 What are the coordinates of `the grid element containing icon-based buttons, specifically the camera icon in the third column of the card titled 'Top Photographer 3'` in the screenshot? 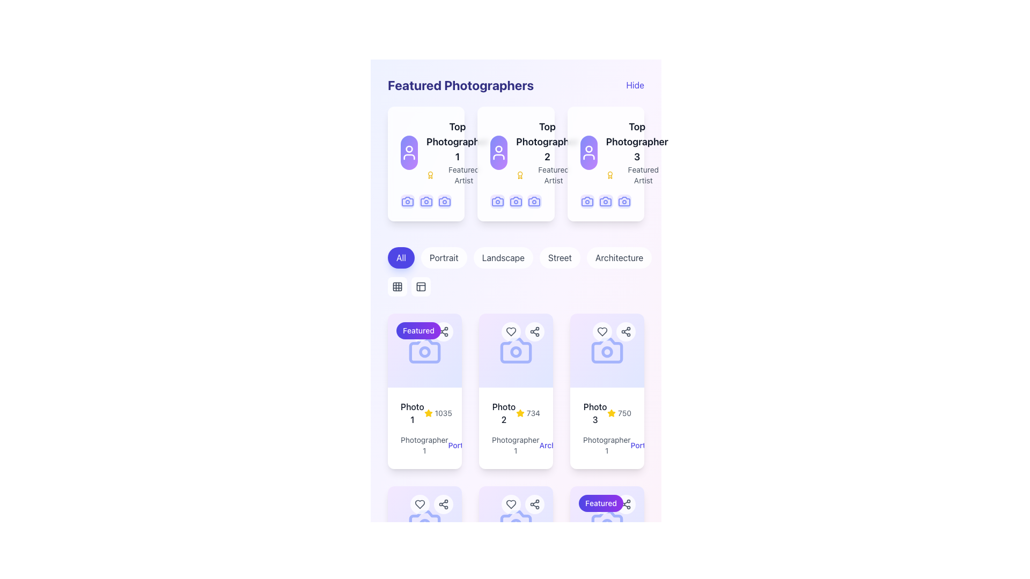 It's located at (606, 202).